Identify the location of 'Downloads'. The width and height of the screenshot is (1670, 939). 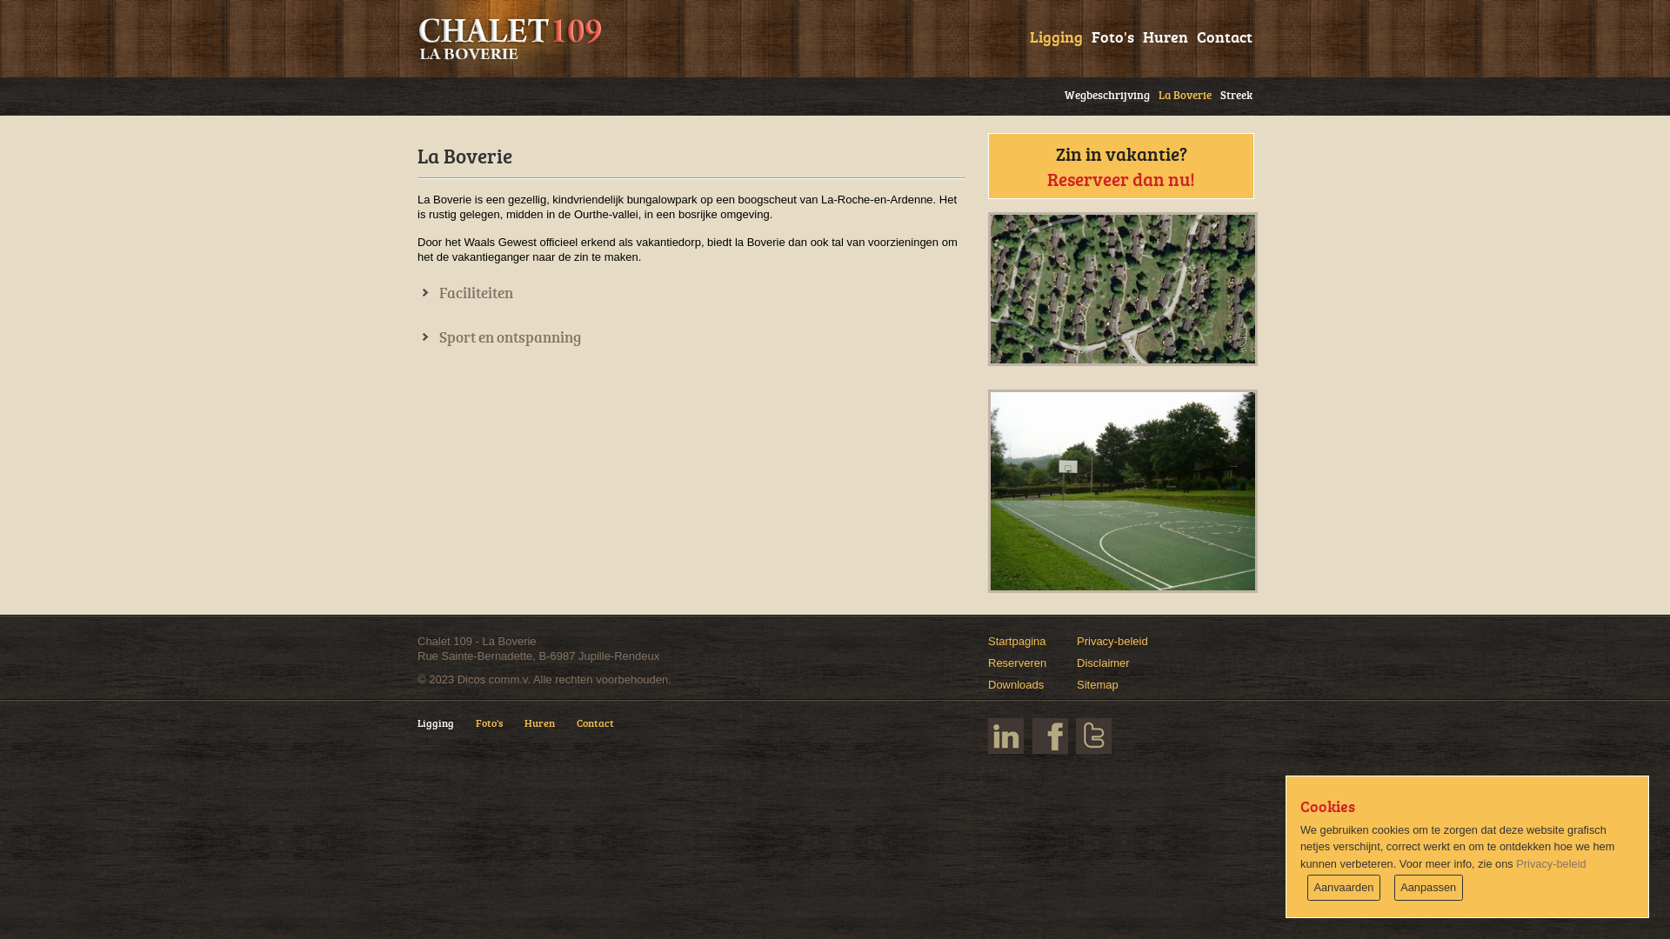
(1015, 683).